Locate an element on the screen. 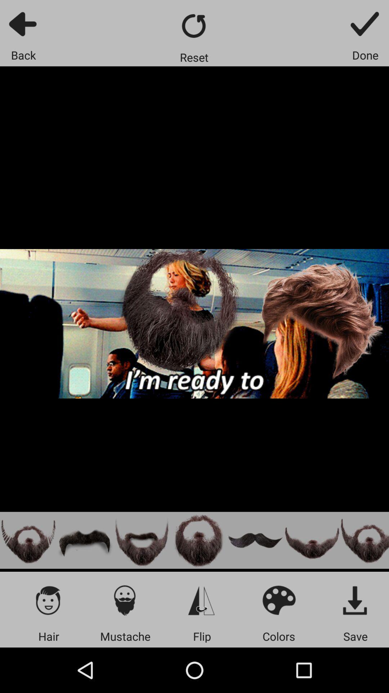 The image size is (389, 693). the check icon is located at coordinates (365, 23).